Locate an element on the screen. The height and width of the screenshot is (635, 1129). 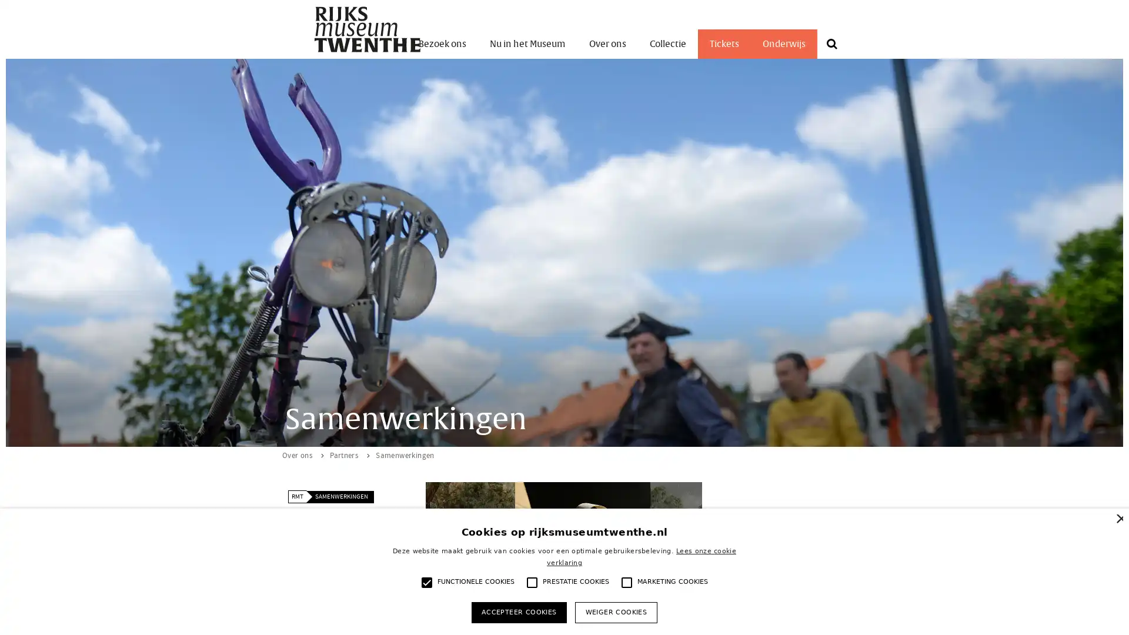
WEIGER COOKIES is located at coordinates (615, 611).